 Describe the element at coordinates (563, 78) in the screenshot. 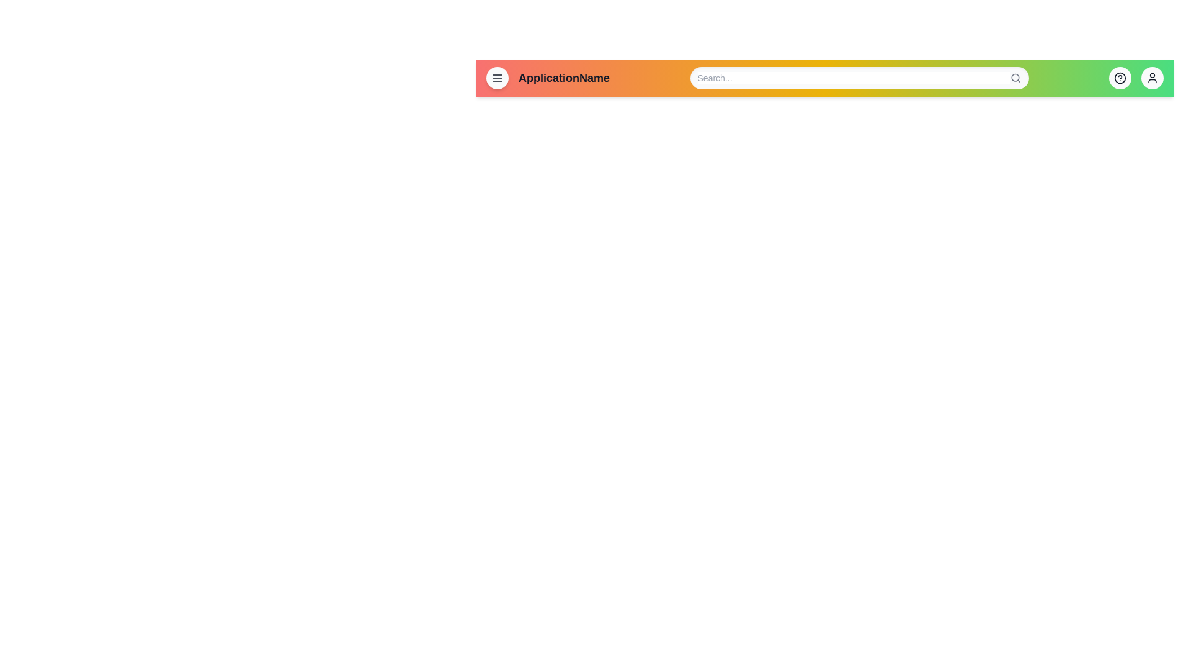

I see `the text labeled 'ApplicationName' to select it` at that location.